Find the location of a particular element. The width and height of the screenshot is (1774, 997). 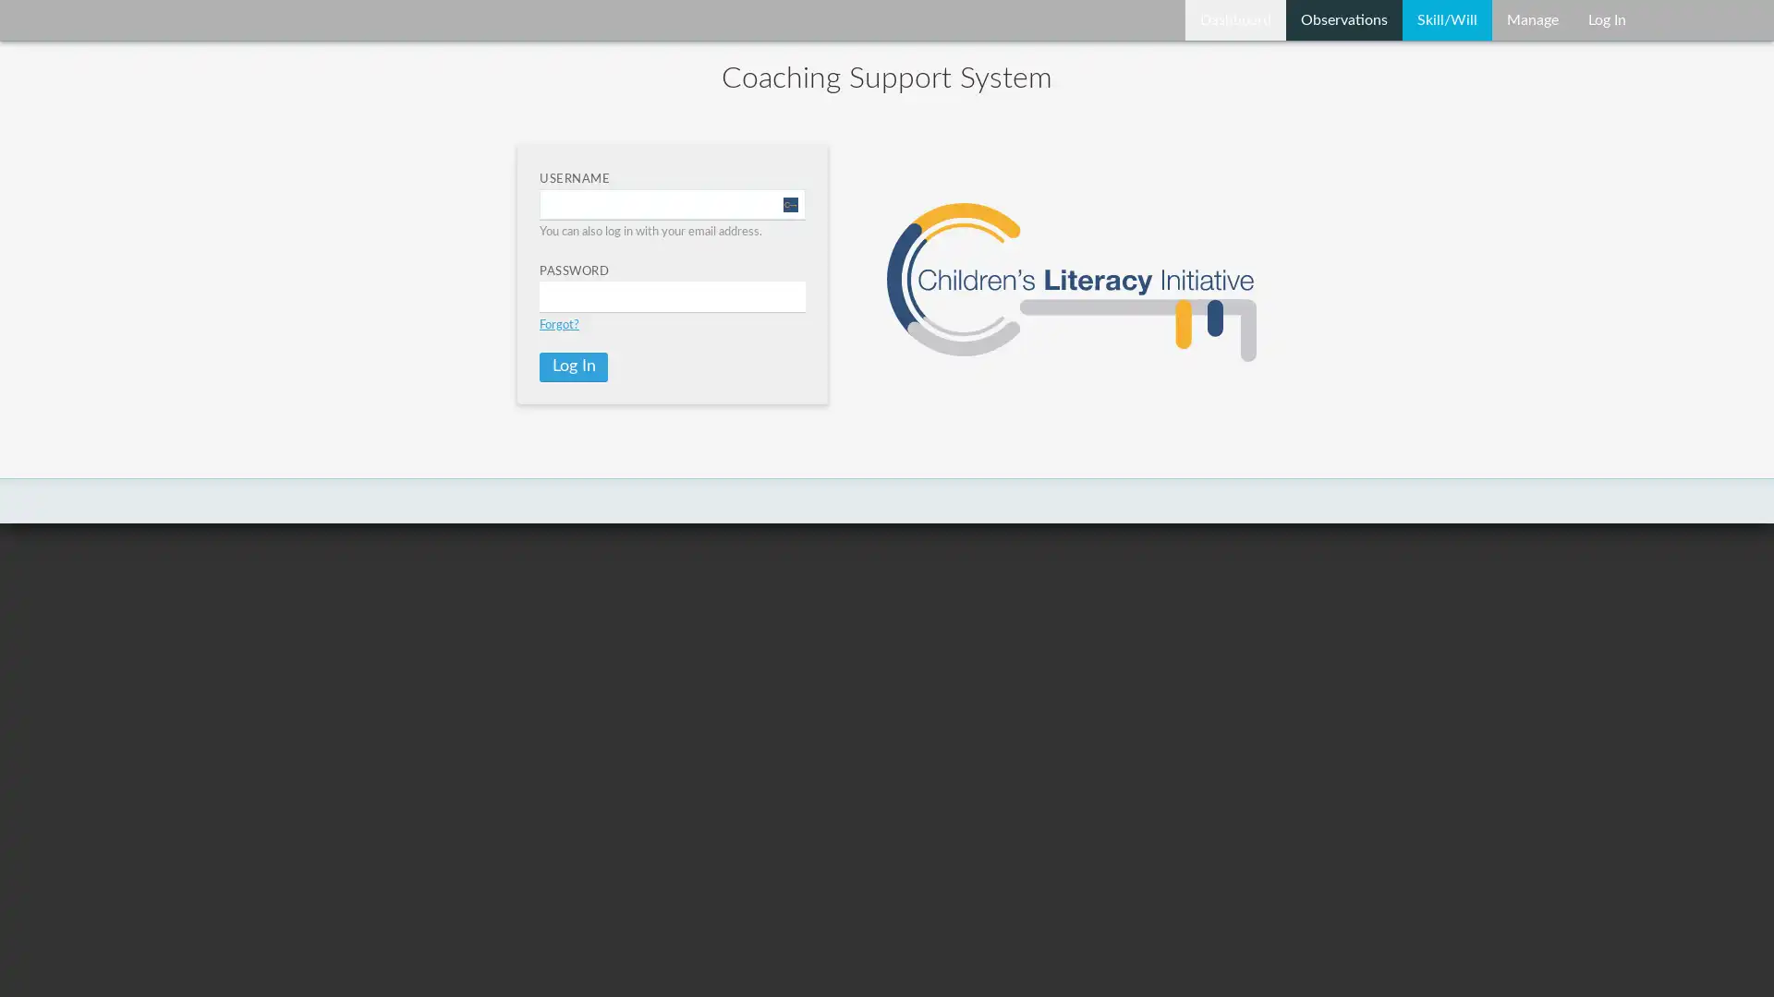

Log In is located at coordinates (572, 366).